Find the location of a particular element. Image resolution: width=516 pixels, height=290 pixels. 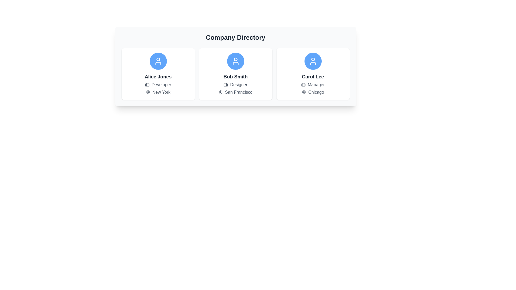

the text label displaying the job title of 'Carol Lee' in the 'Company Directory' section, located under the name 'Carol Lee' and above 'Chicago' is located at coordinates (313, 85).